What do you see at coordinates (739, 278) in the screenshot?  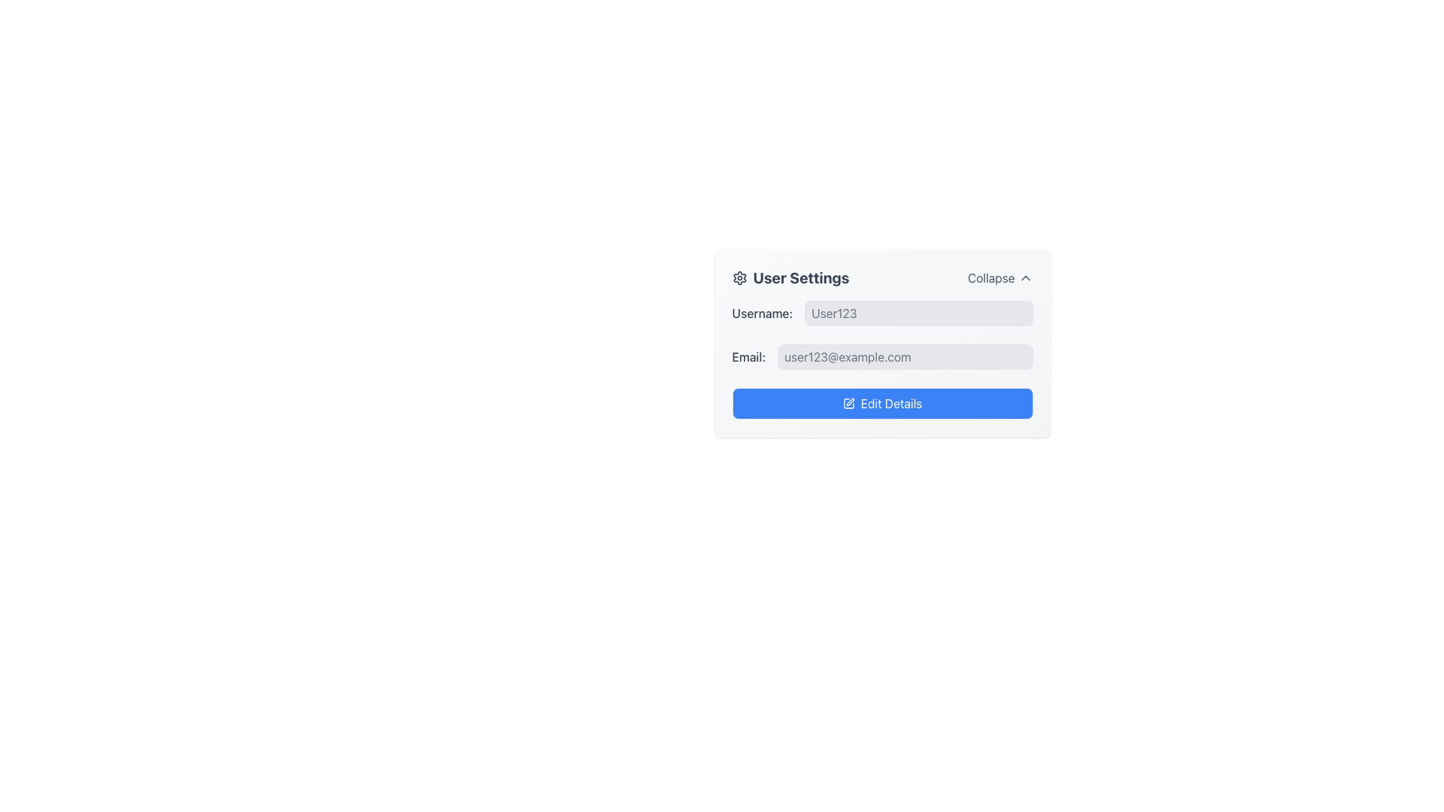 I see `the gear icon, which is a small cogwheel located to the left of the 'User Settings' text in the header of the settings panel` at bounding box center [739, 278].